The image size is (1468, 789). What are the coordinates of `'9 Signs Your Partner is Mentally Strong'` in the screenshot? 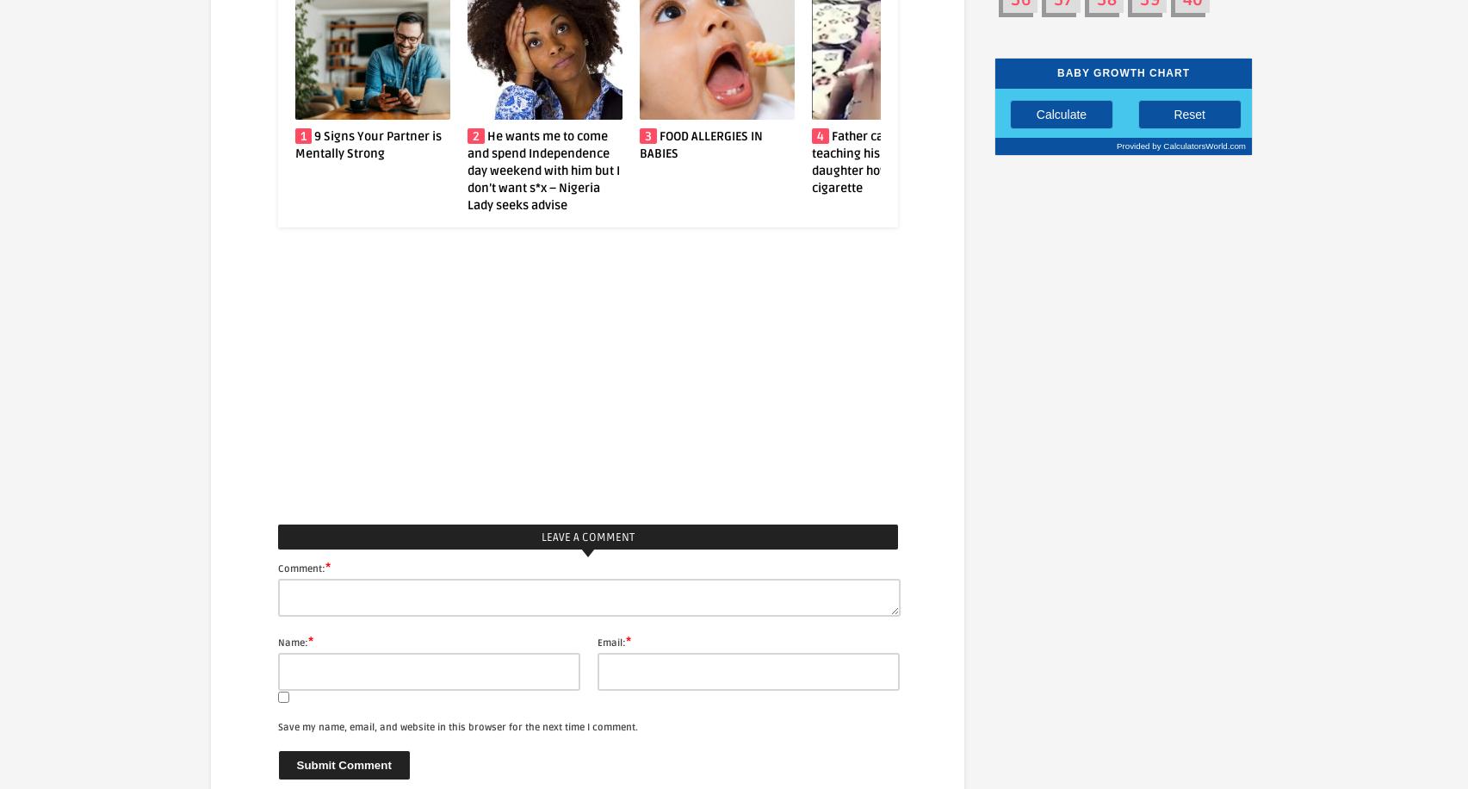 It's located at (195, 144).